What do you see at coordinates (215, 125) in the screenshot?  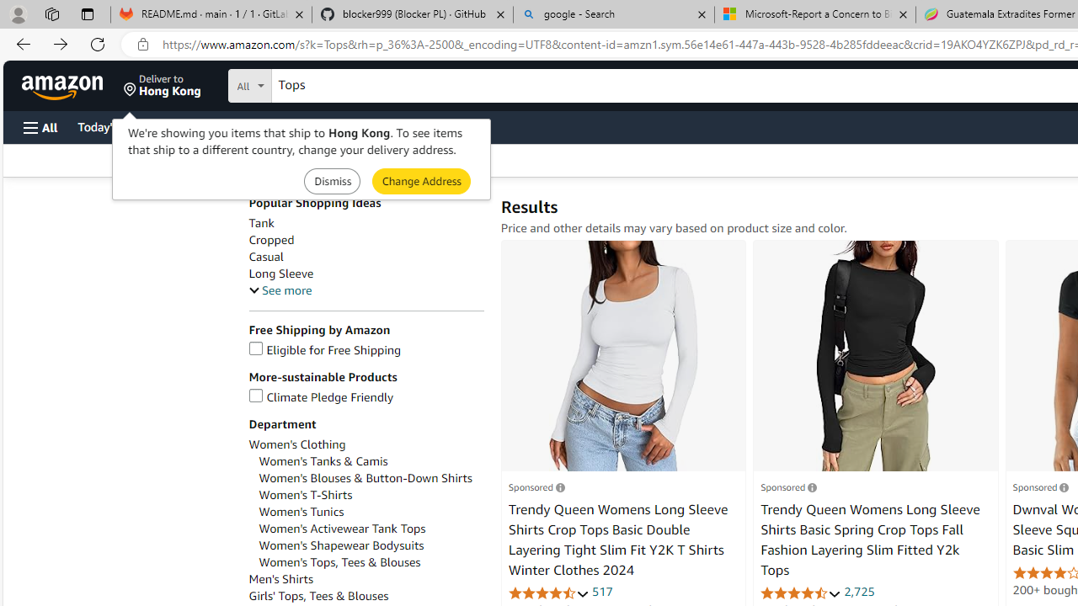 I see `'Customer Service'` at bounding box center [215, 125].